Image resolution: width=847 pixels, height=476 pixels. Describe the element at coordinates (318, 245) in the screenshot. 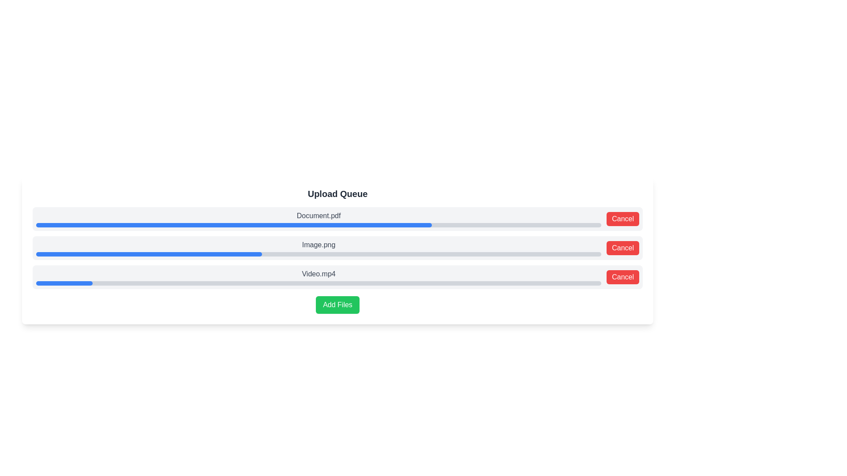

I see `the Text Label that identifies the upload item, which is located directly above the progress bar` at that location.